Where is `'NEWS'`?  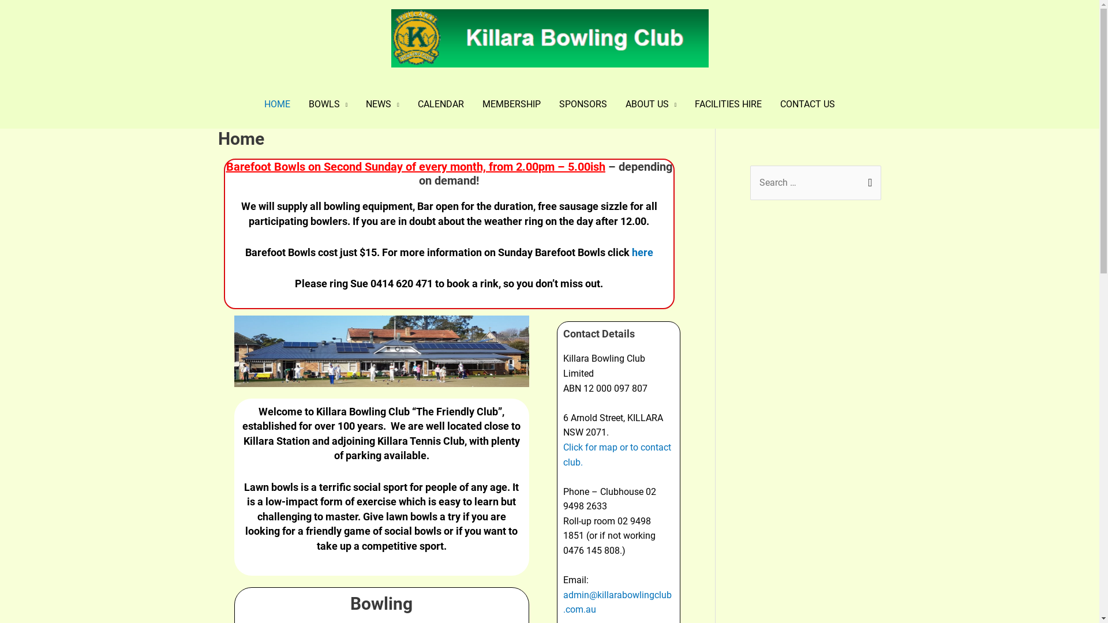 'NEWS' is located at coordinates (382, 104).